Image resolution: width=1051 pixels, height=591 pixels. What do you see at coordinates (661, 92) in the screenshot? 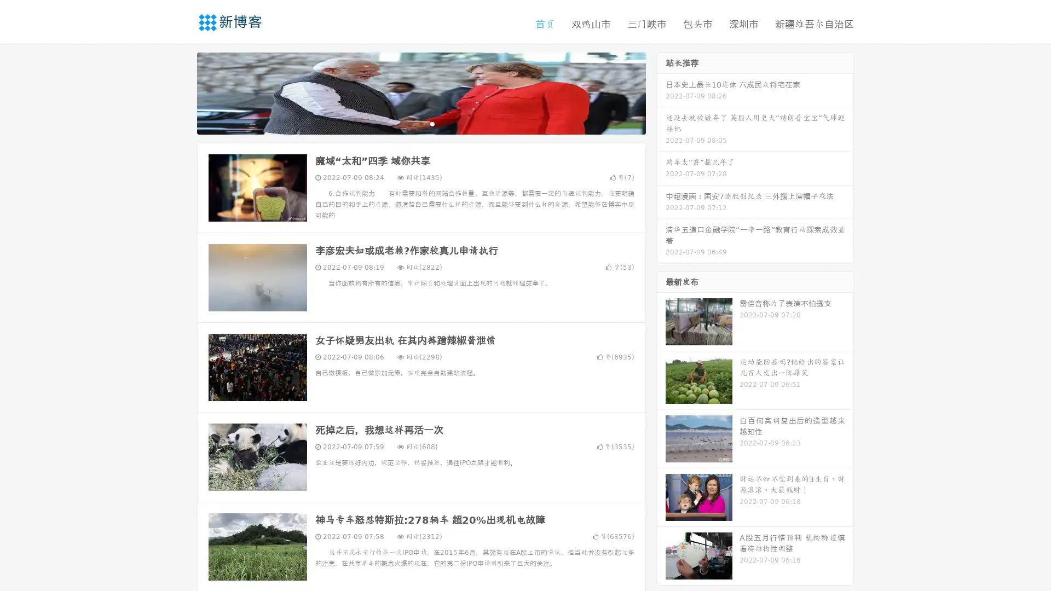
I see `Next slide` at bounding box center [661, 92].